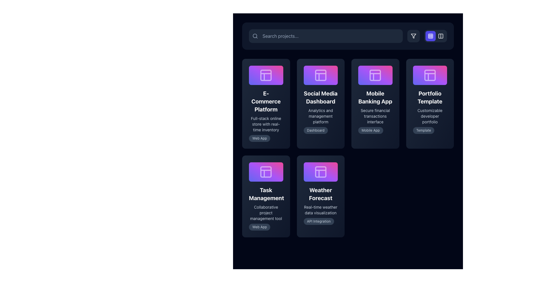 The width and height of the screenshot is (545, 307). What do you see at coordinates (266, 124) in the screenshot?
I see `the text label that reads 'Full-stack online store with real-time inventory.' It is styled in a dim gray color and is positioned between the heading 'E-Commerce Platform' and the label 'Web App.'` at bounding box center [266, 124].